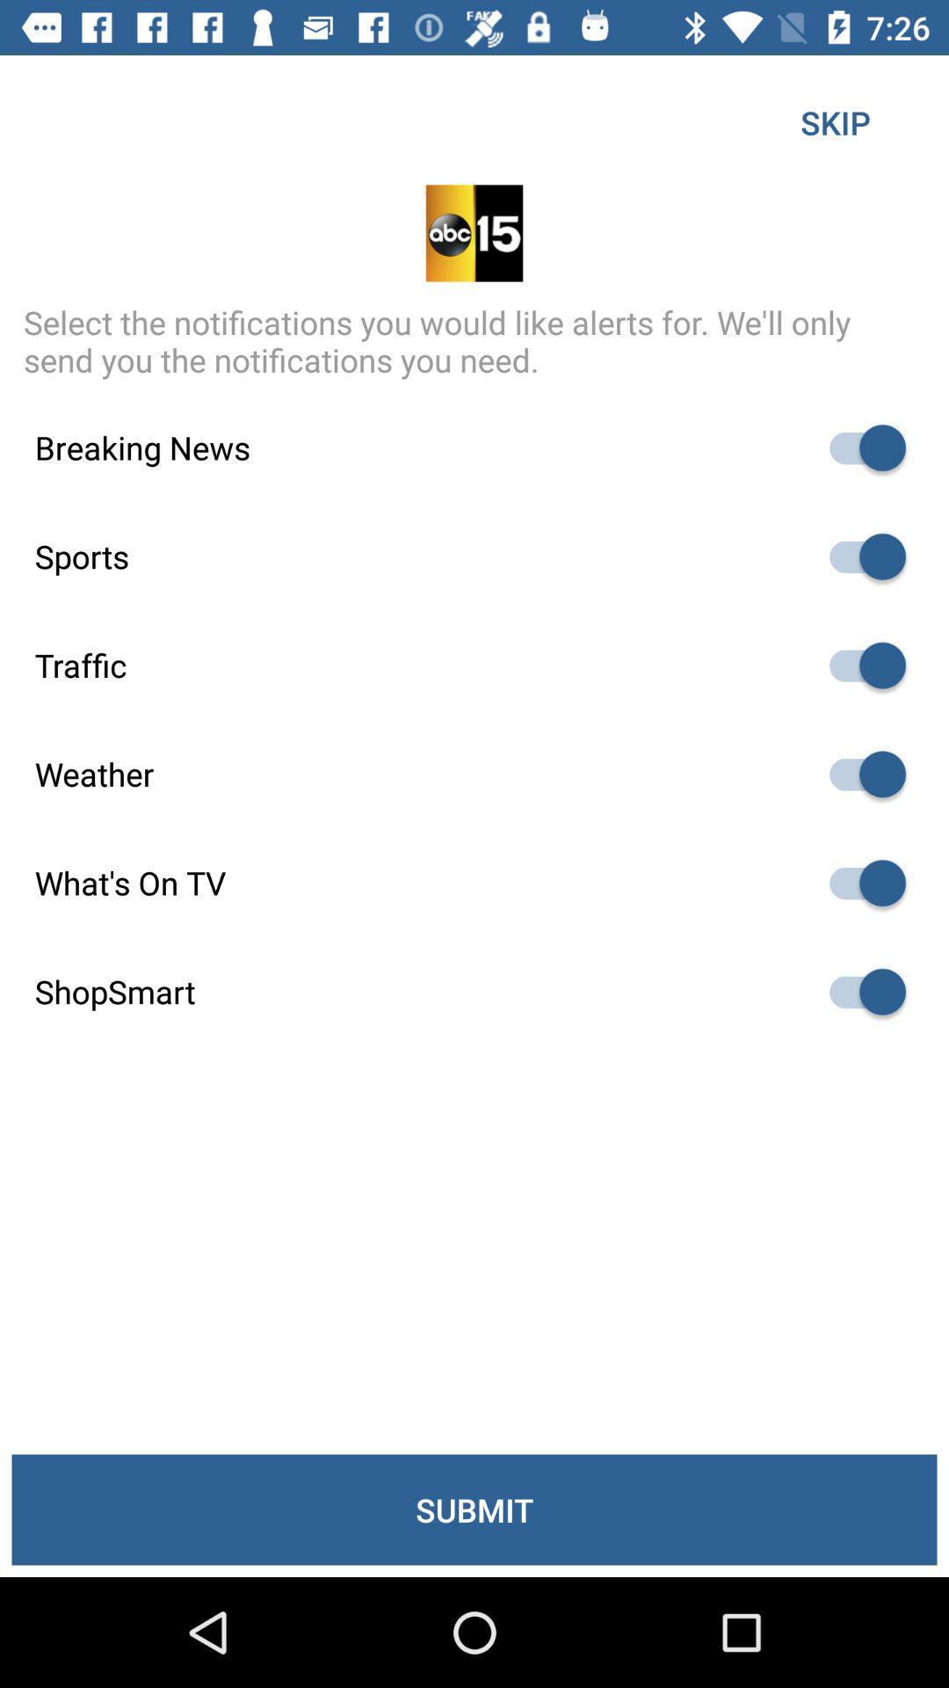 The height and width of the screenshot is (1688, 949). Describe the element at coordinates (858, 665) in the screenshot. I see `traffic option` at that location.